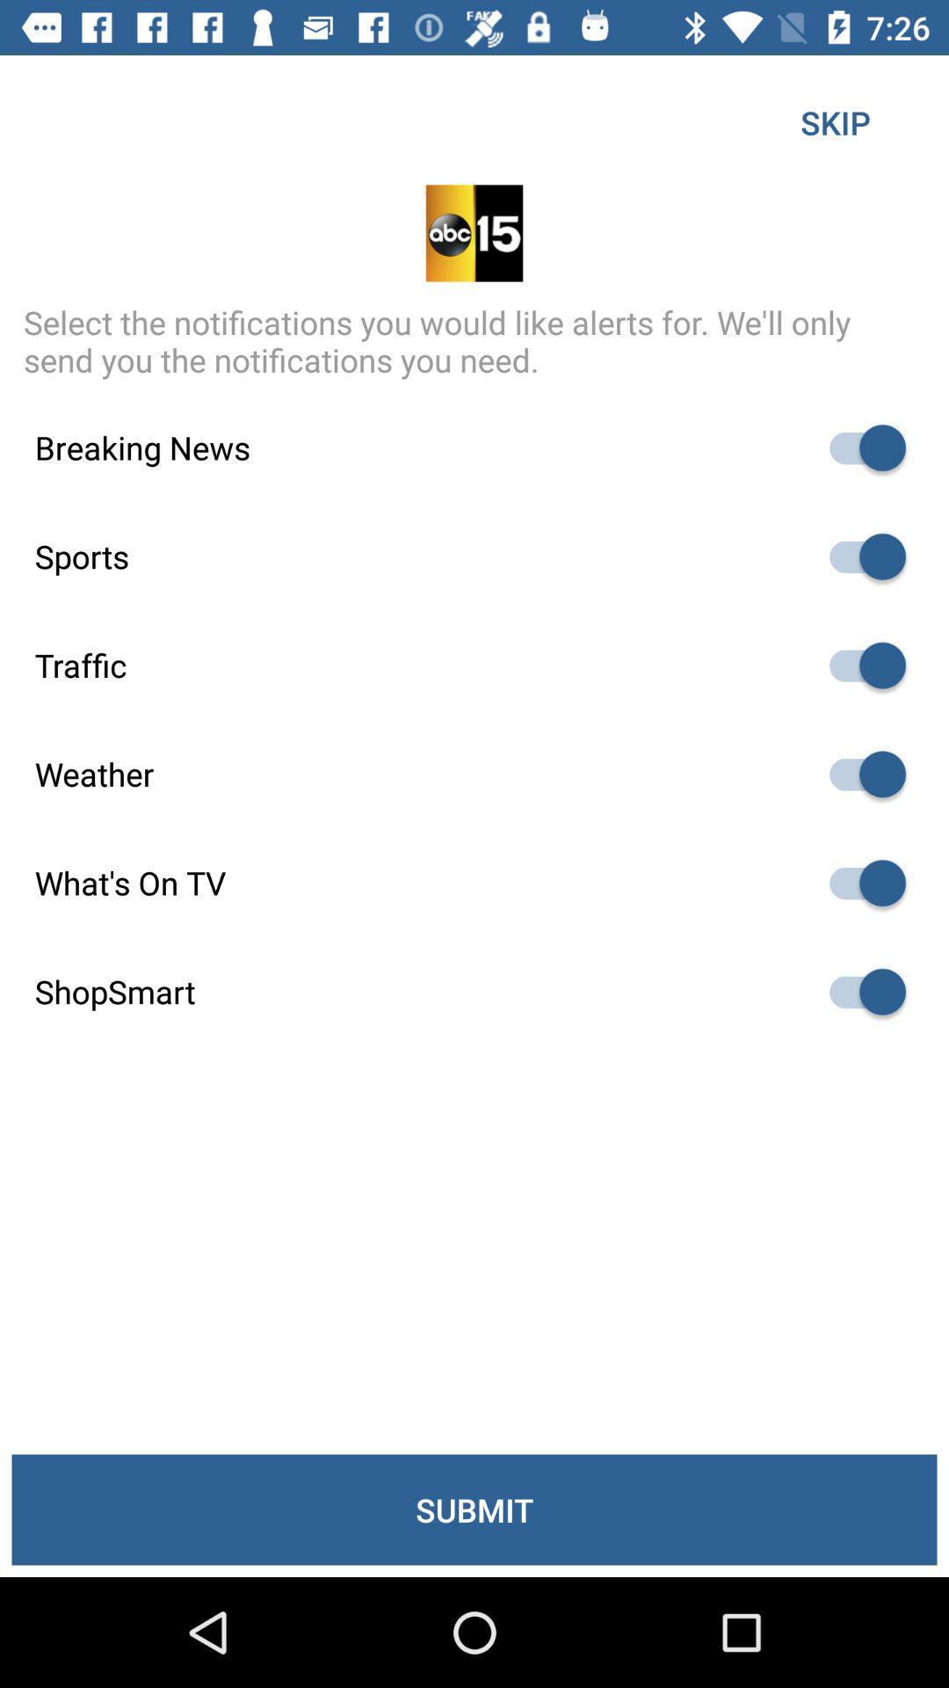 The height and width of the screenshot is (1688, 949). Describe the element at coordinates (858, 665) in the screenshot. I see `traffic option` at that location.